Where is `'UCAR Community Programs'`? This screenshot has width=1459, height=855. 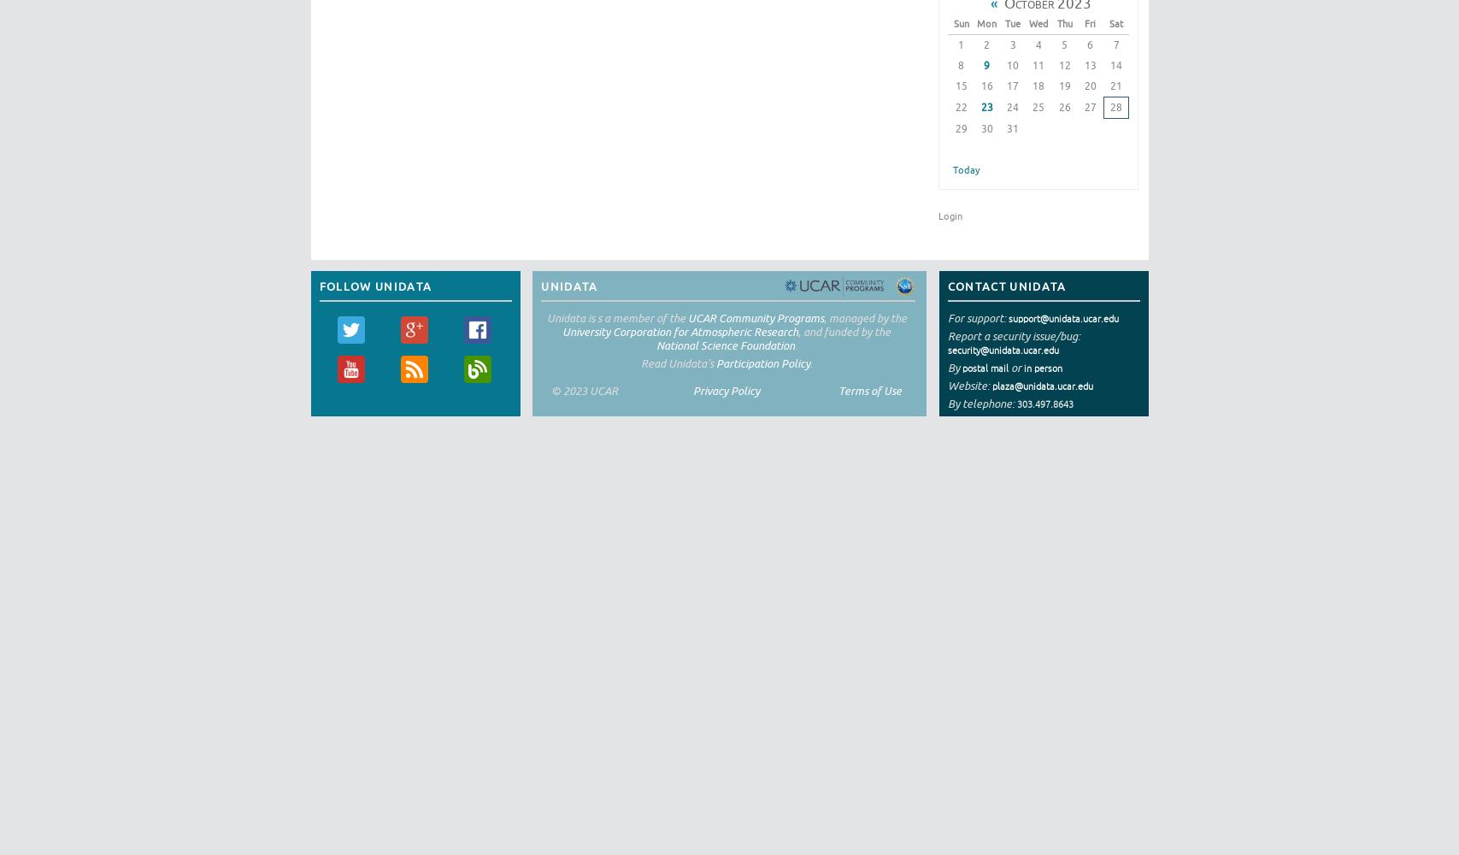 'UCAR Community Programs' is located at coordinates (754, 316).